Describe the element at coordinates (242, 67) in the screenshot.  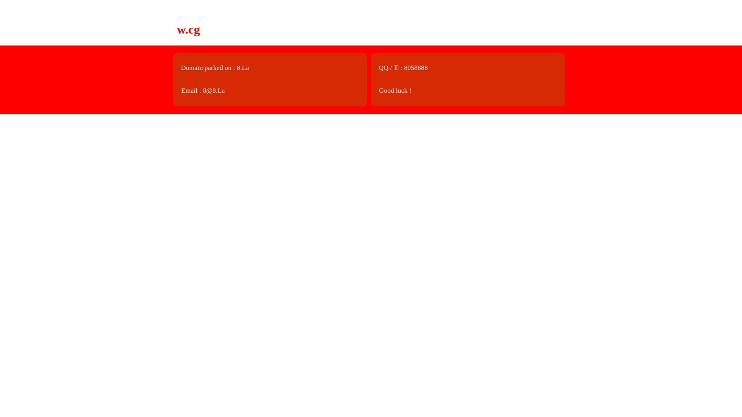
I see `'8.La'` at that location.